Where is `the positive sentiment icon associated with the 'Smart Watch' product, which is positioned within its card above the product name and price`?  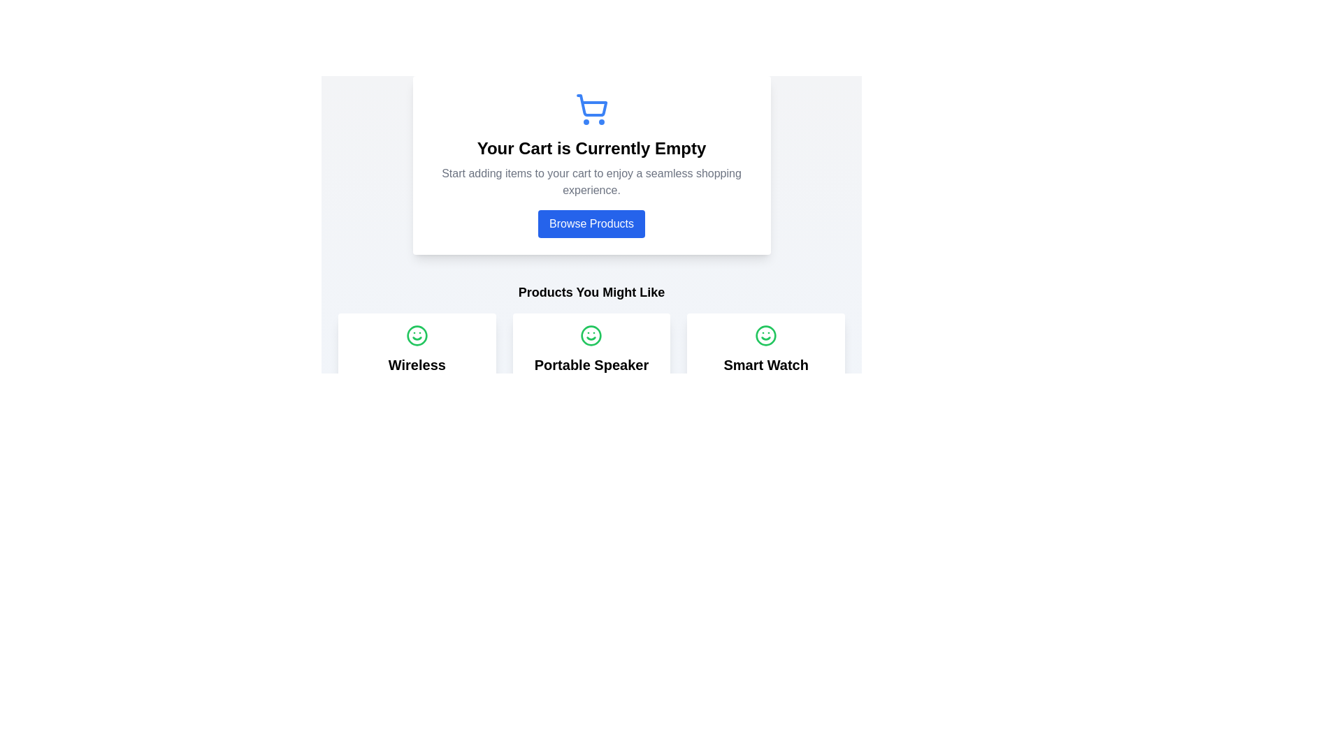 the positive sentiment icon associated with the 'Smart Watch' product, which is positioned within its card above the product name and price is located at coordinates (765, 336).